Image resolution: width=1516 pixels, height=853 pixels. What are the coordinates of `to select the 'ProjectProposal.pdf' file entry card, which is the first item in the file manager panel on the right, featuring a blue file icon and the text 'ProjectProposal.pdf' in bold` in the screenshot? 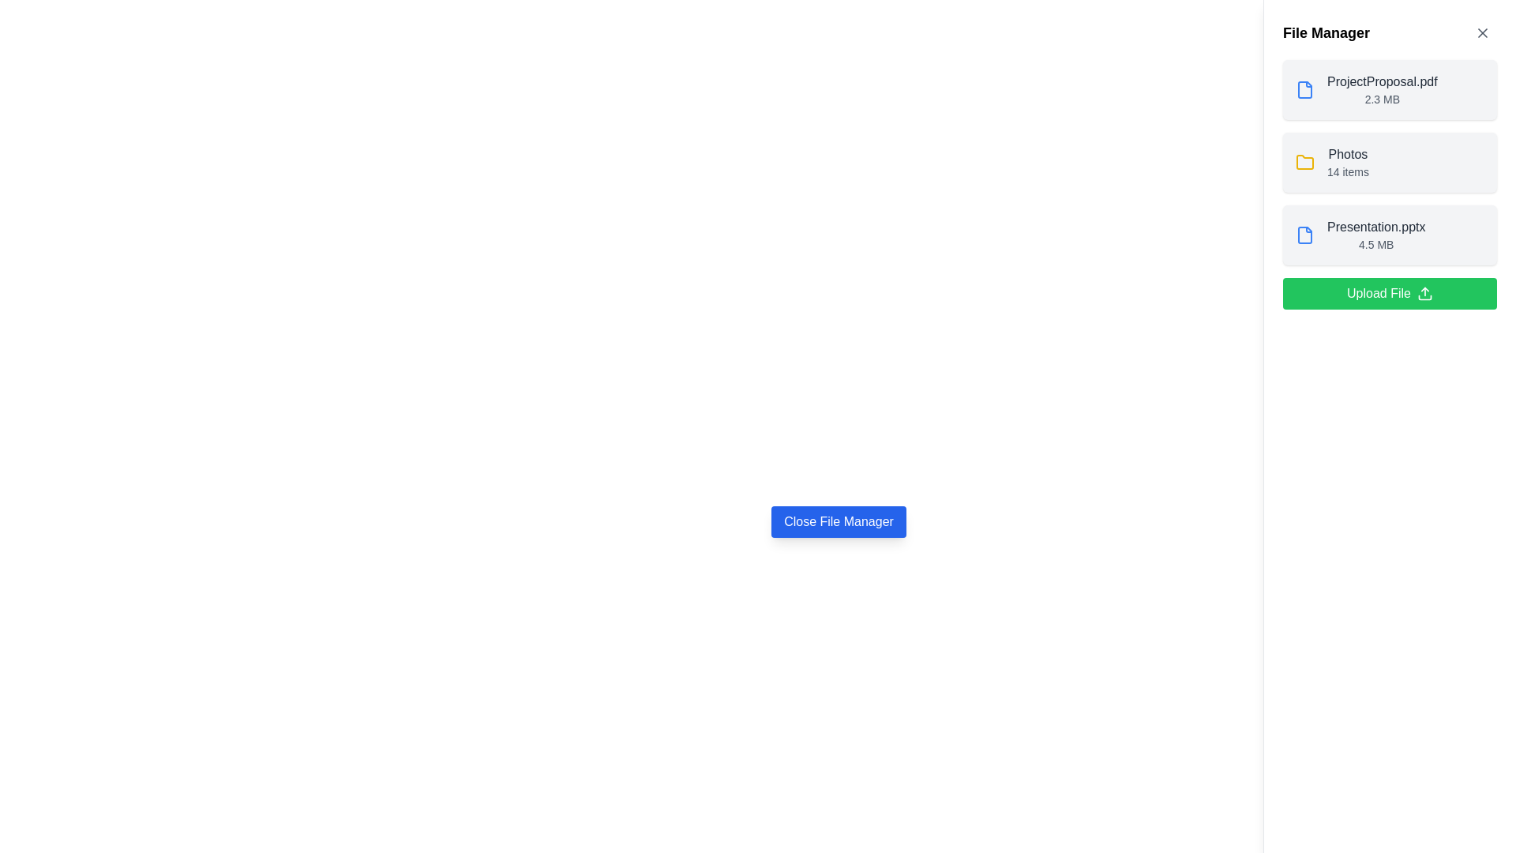 It's located at (1390, 90).